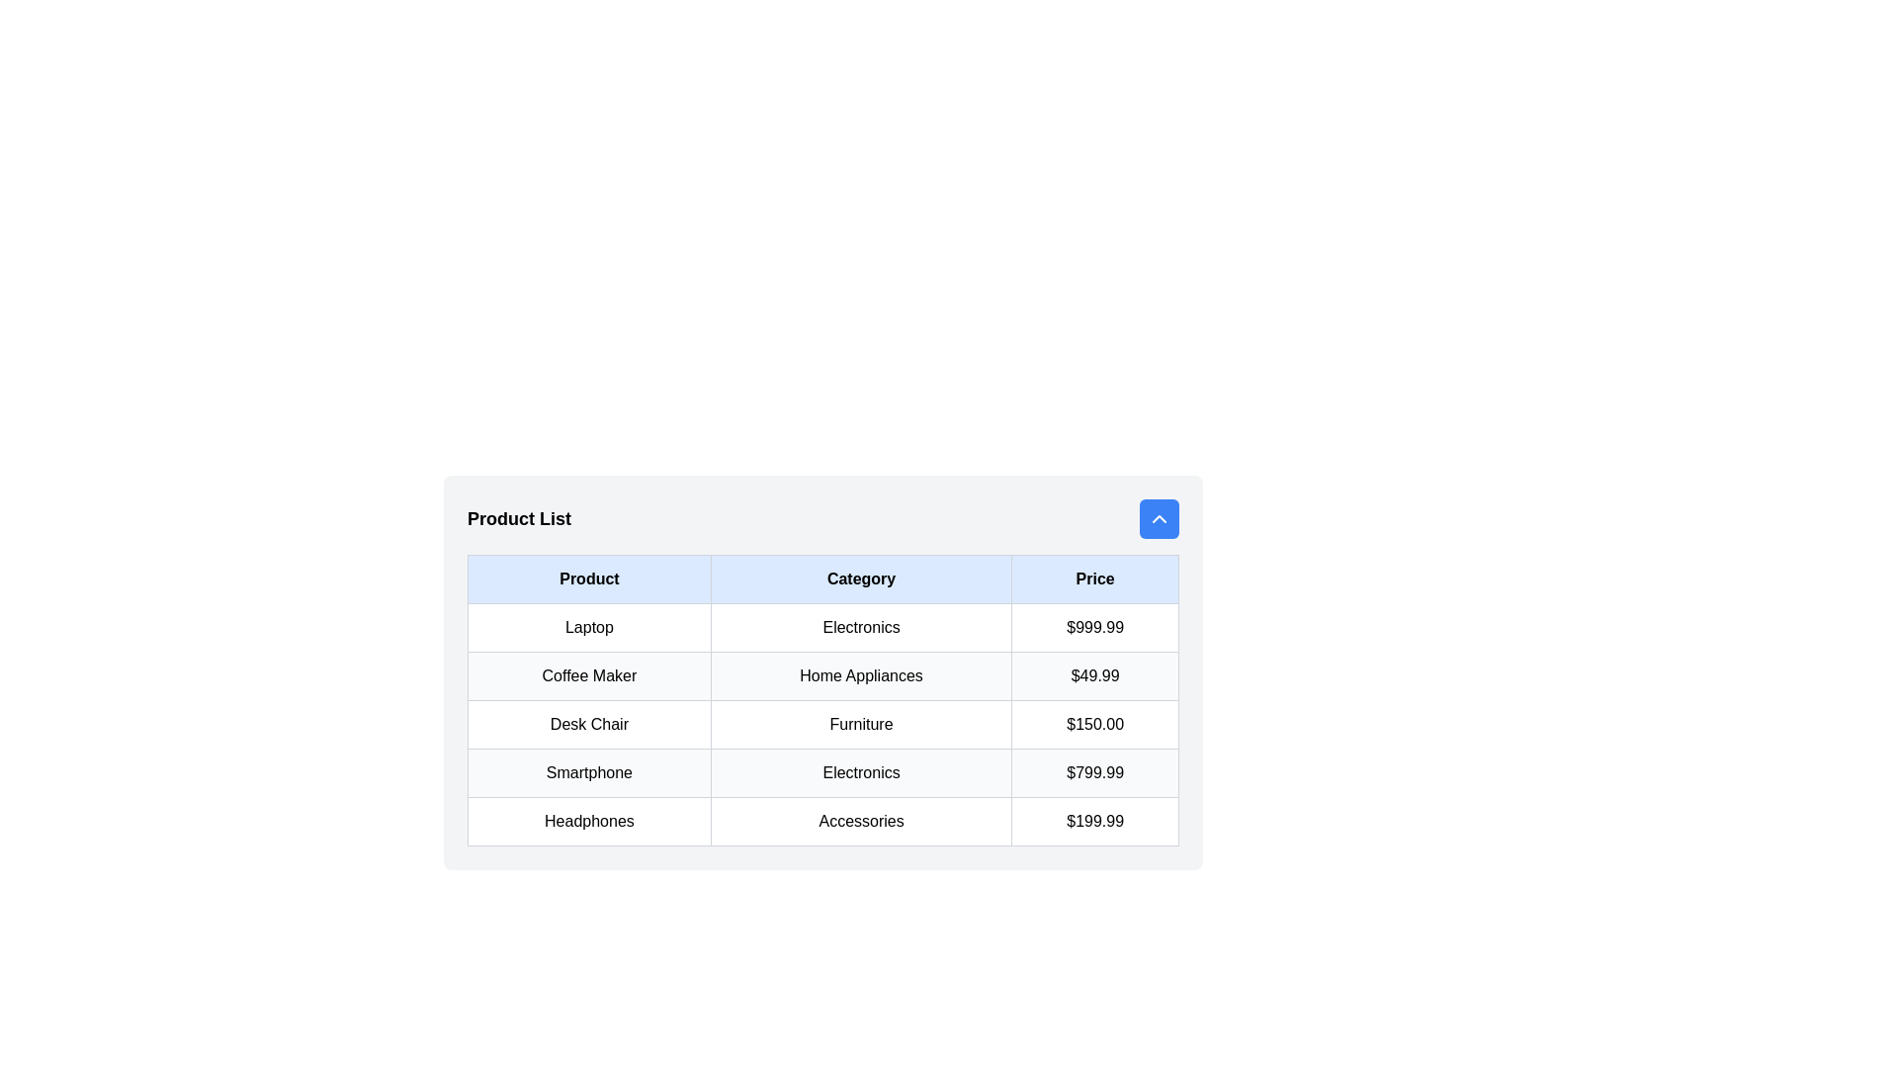  I want to click on the static text field that labels the category of the item in the second column of the table, located between 'Laptop' and '$999.99', so click(861, 628).